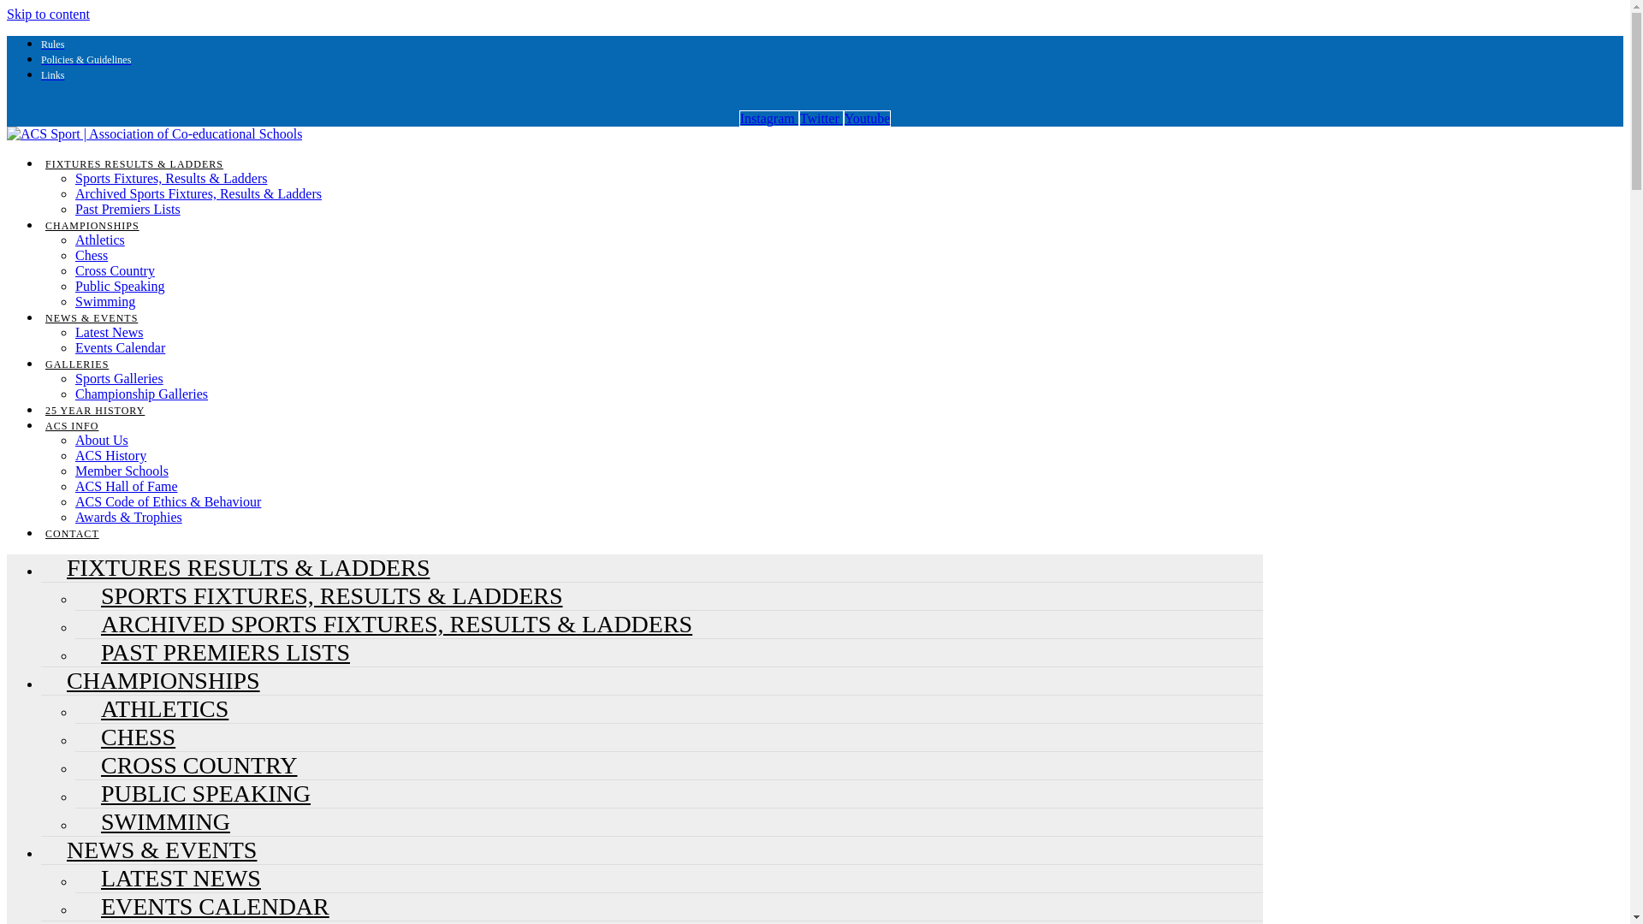  Describe the element at coordinates (121, 471) in the screenshot. I see `'Member Schools'` at that location.